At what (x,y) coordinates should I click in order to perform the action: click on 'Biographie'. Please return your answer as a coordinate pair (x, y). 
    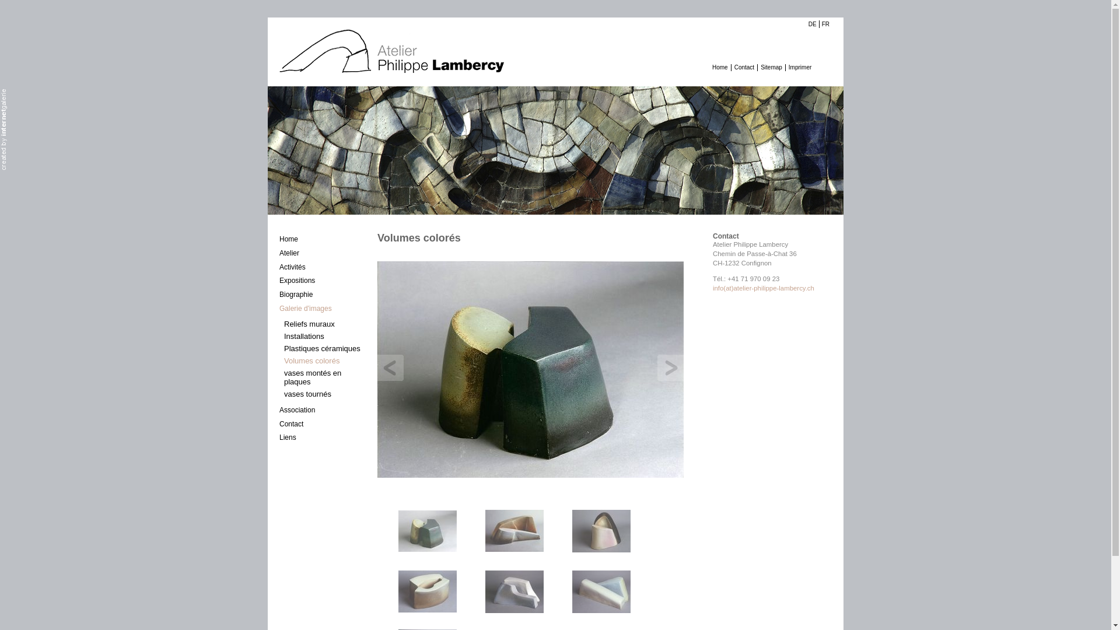
    Looking at the image, I should click on (322, 294).